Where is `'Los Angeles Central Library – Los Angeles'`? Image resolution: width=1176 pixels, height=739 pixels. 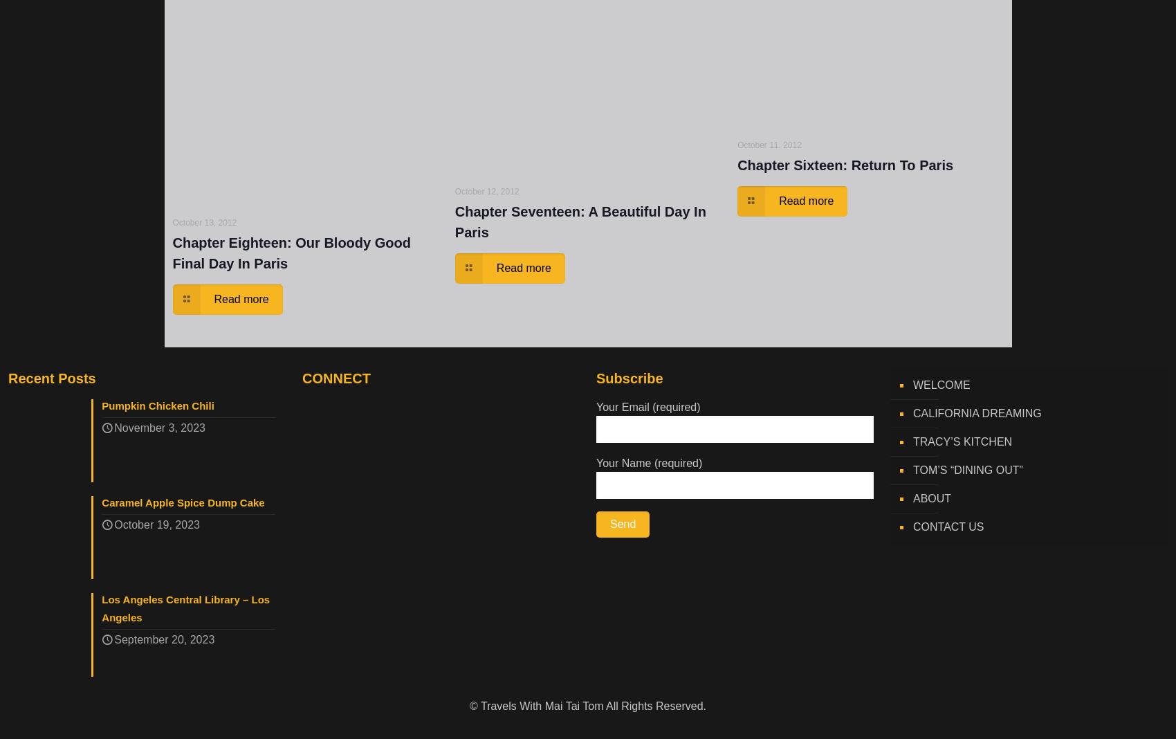 'Los Angeles Central Library – Los Angeles' is located at coordinates (101, 608).